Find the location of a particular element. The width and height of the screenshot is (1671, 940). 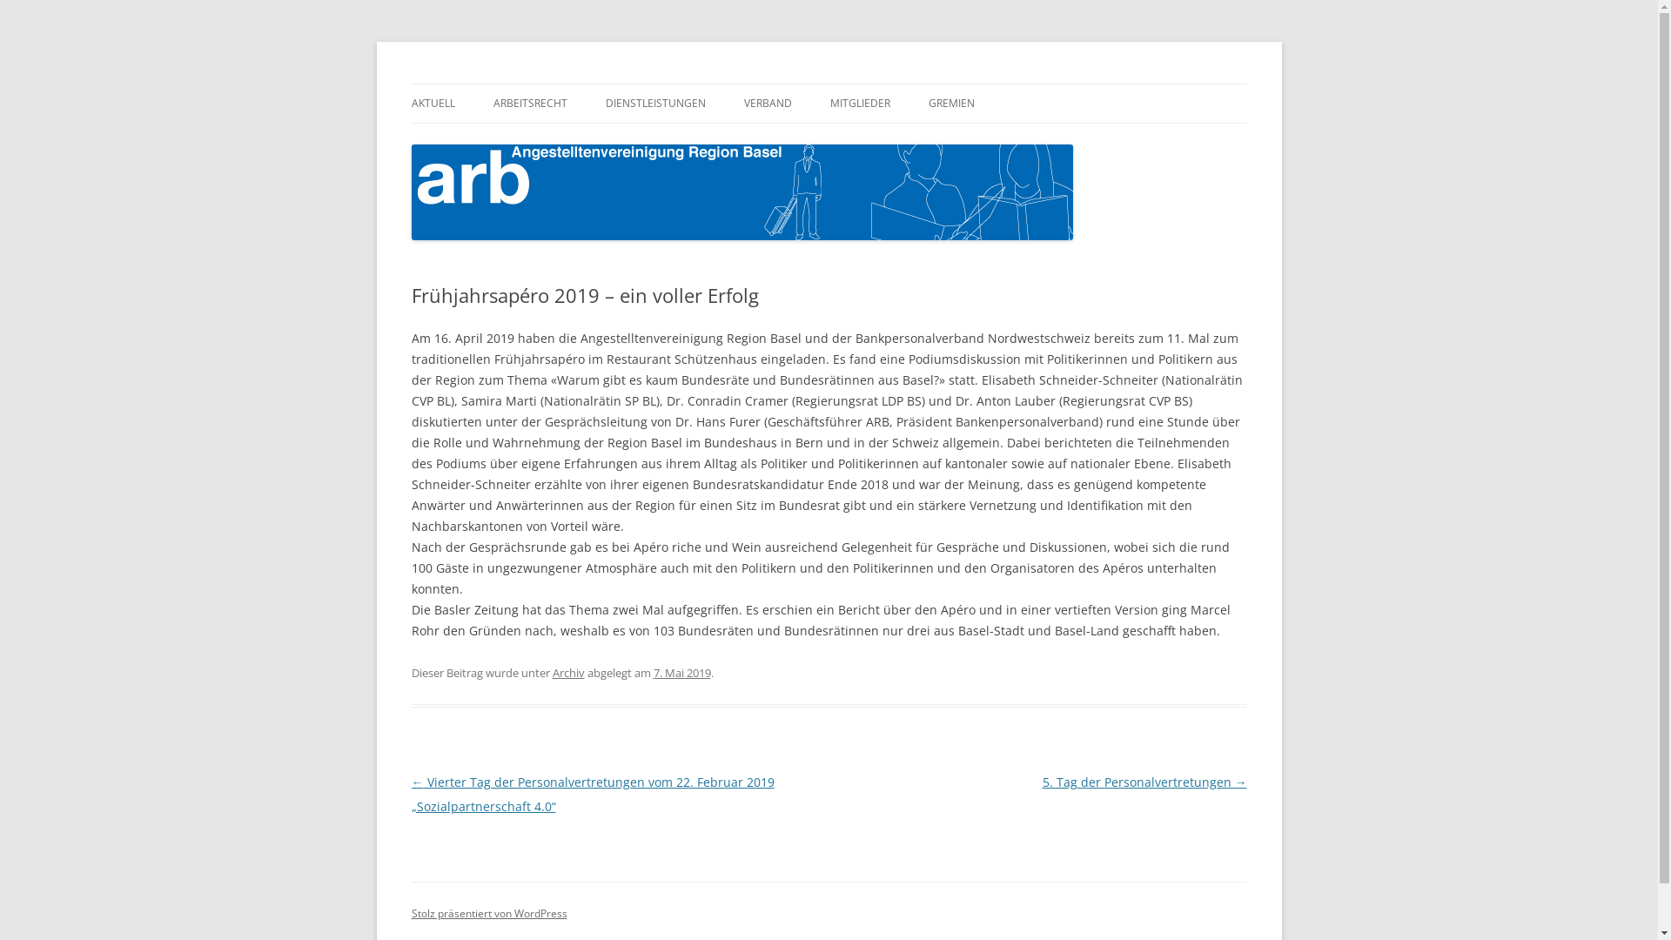

'Springe zum Inhalt' is located at coordinates (828, 84).